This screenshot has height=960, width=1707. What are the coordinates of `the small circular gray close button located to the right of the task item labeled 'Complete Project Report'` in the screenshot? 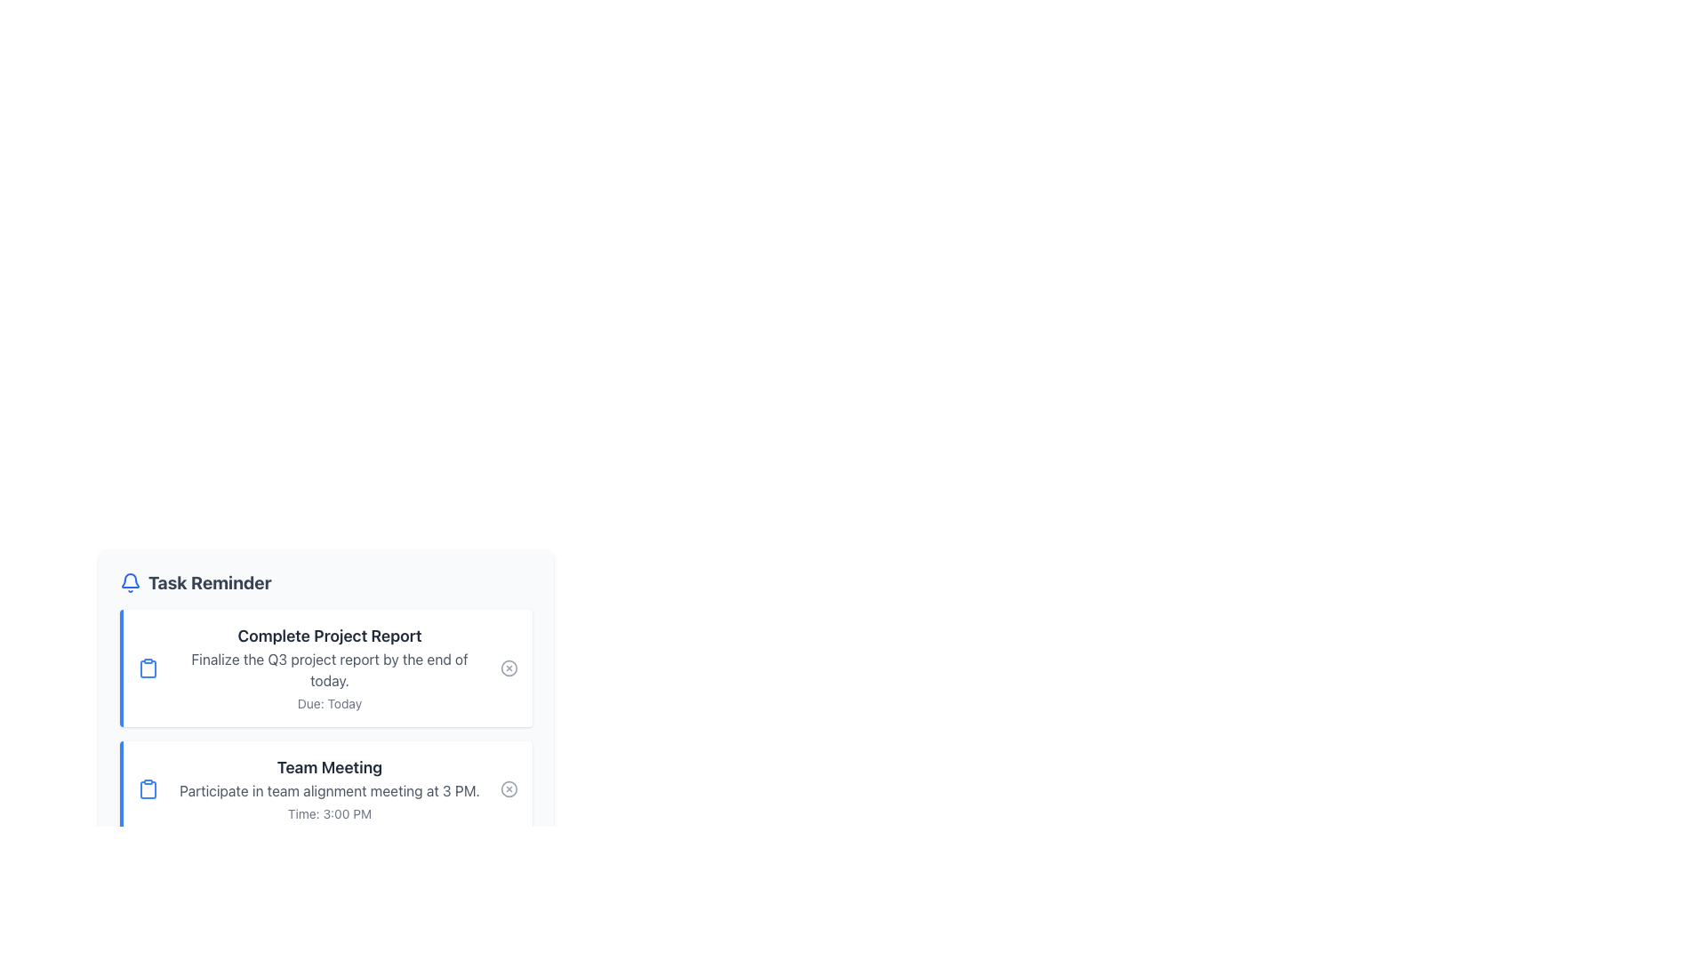 It's located at (508, 668).